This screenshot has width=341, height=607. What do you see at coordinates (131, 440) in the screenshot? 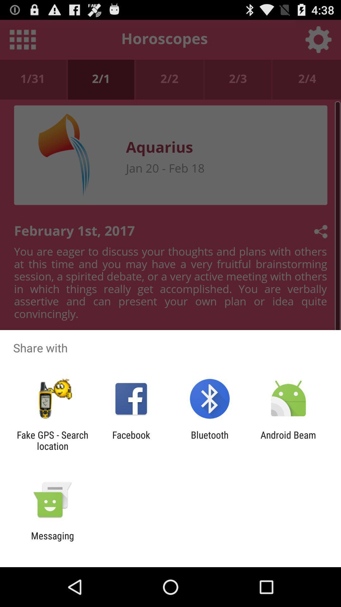
I see `facebook icon` at bounding box center [131, 440].